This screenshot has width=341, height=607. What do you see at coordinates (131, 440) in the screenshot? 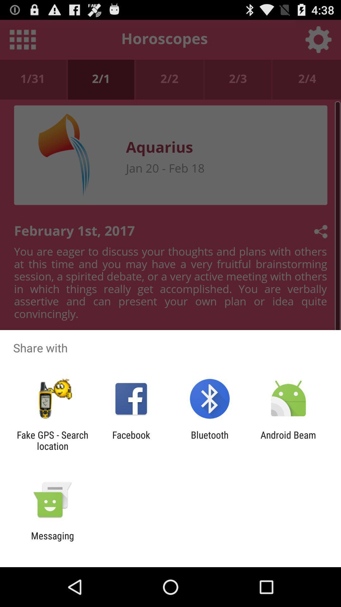
I see `facebook icon` at bounding box center [131, 440].